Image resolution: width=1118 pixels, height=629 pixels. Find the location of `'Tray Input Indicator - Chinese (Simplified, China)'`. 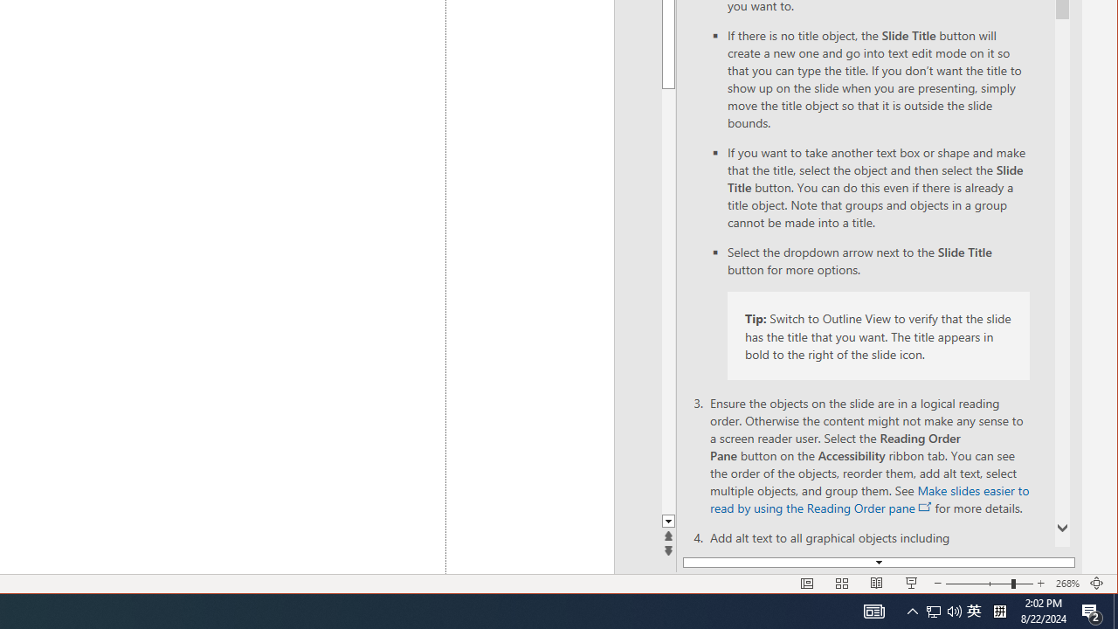

'Tray Input Indicator - Chinese (Simplified, China)' is located at coordinates (999, 610).